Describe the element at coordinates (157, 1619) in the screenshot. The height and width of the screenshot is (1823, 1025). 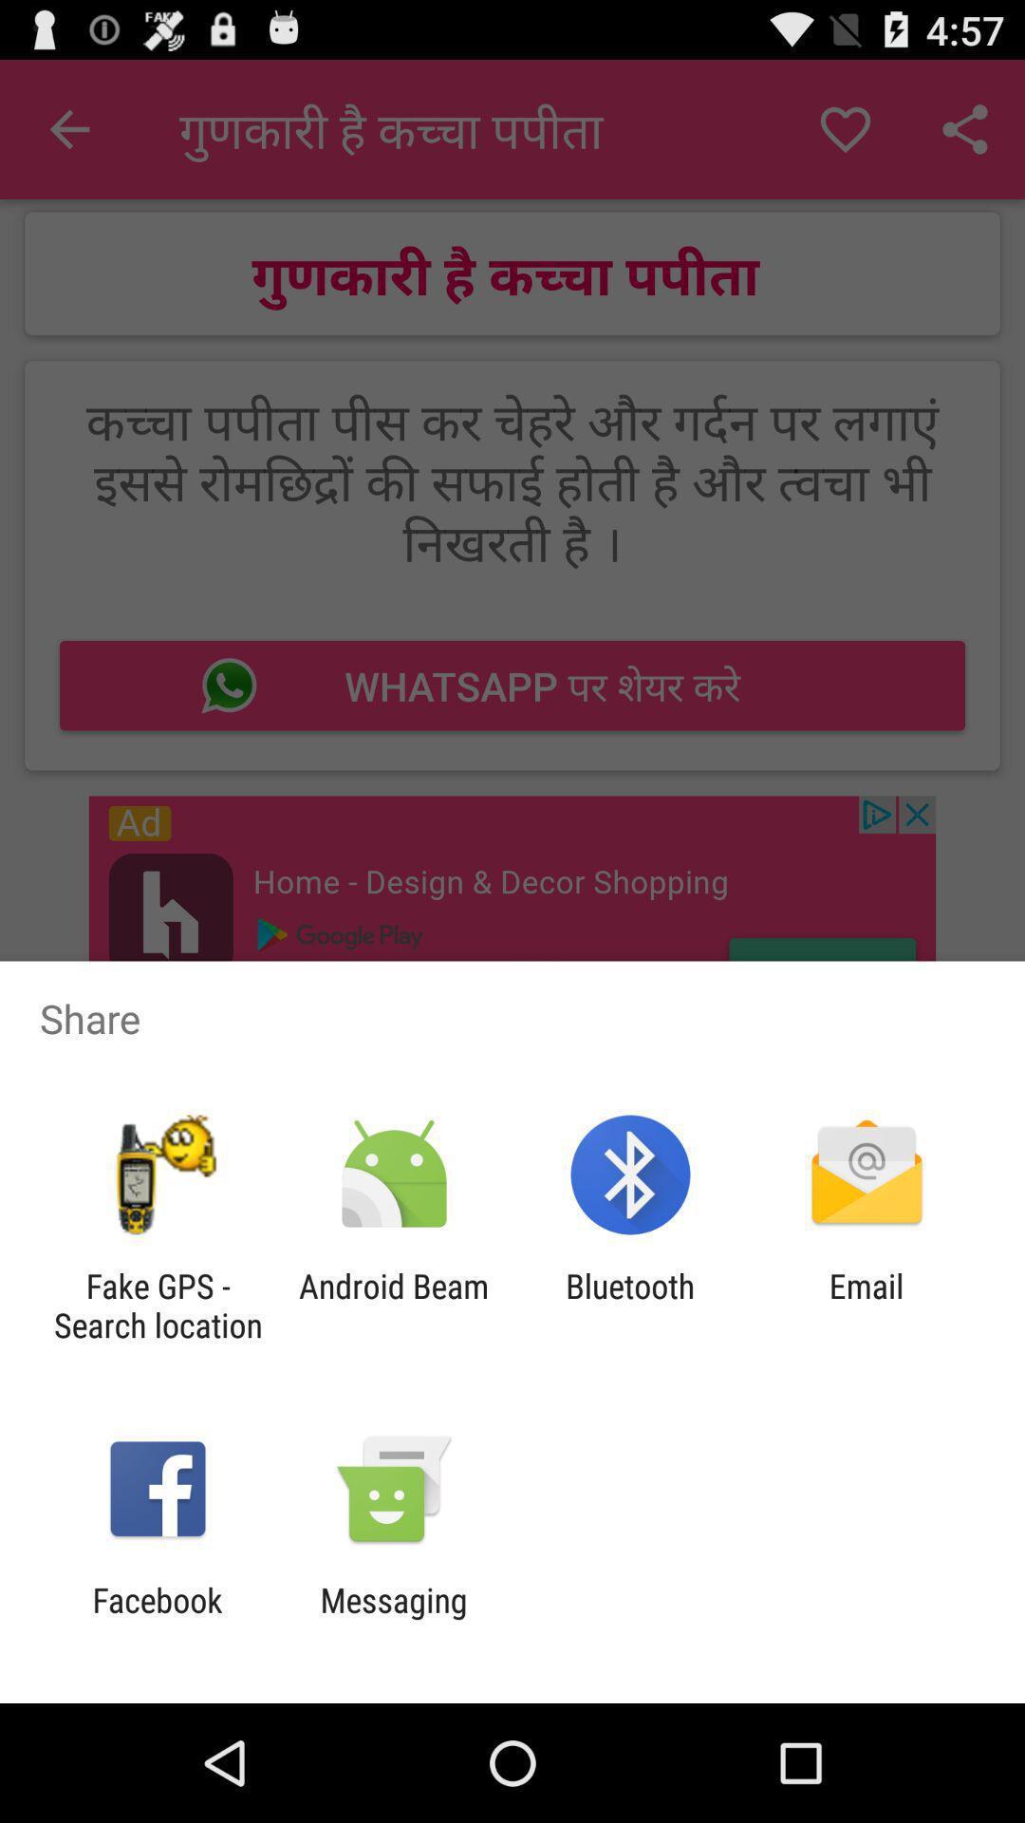
I see `the facebook` at that location.